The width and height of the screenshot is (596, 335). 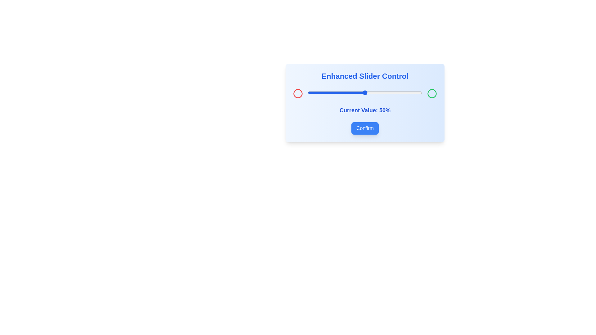 I want to click on the text label displaying 'Current Value: 50%' which is centrally located in the light blue panel below the slider control, so click(x=365, y=110).